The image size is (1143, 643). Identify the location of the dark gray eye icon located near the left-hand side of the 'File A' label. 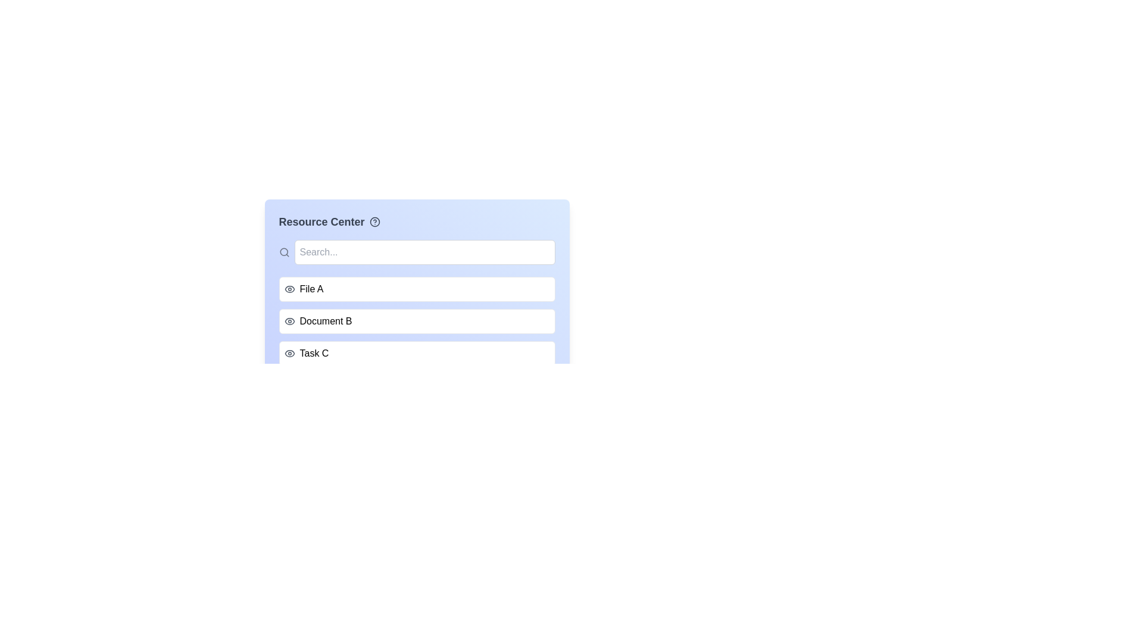
(289, 289).